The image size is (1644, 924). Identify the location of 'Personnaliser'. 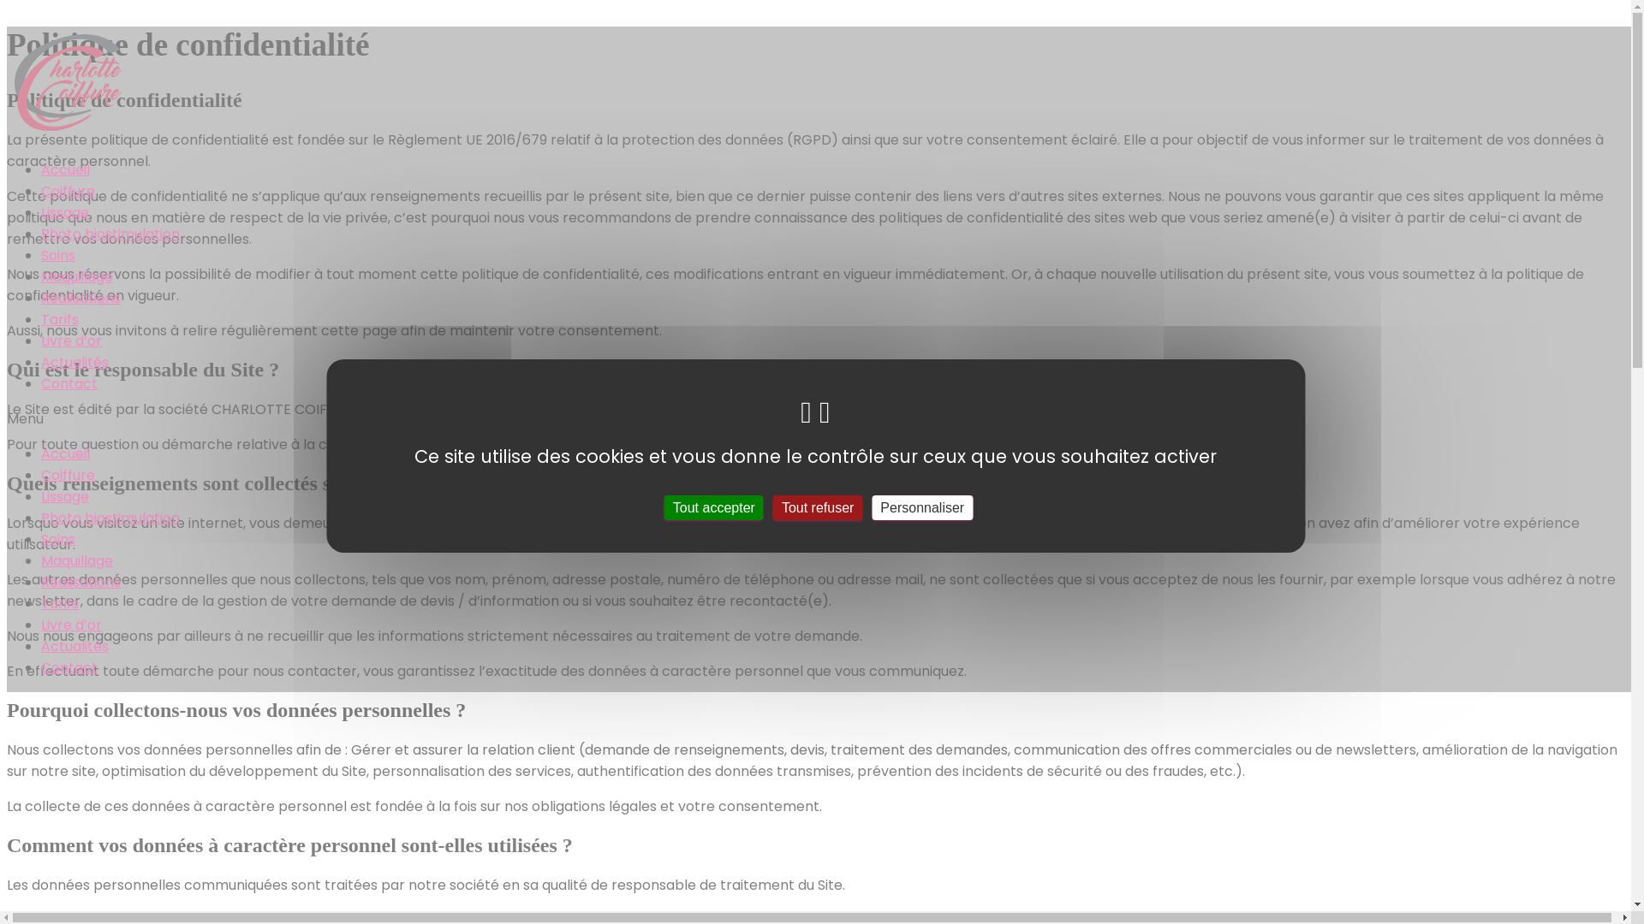
(920, 506).